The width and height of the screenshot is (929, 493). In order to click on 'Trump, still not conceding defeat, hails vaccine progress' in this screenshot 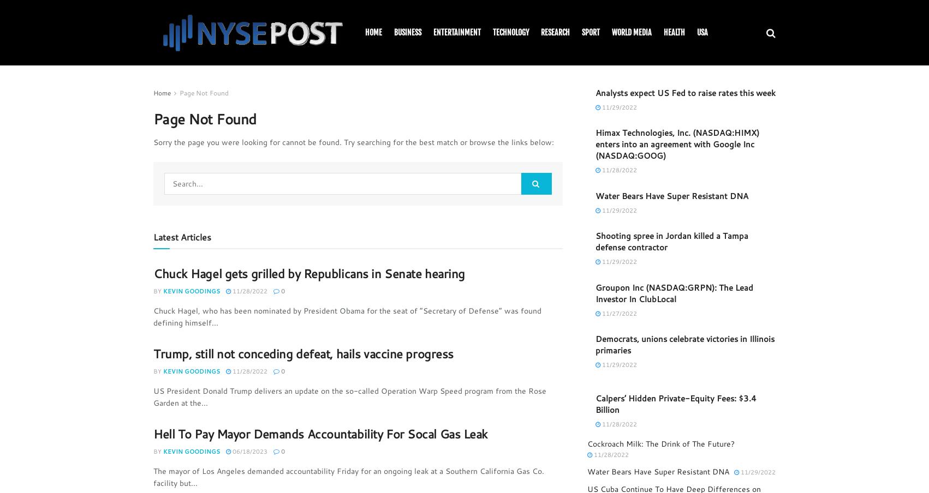, I will do `click(153, 353)`.